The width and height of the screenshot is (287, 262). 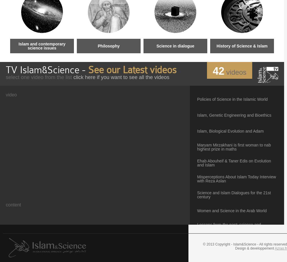 I want to click on 'Azraq.fr', so click(x=281, y=248).